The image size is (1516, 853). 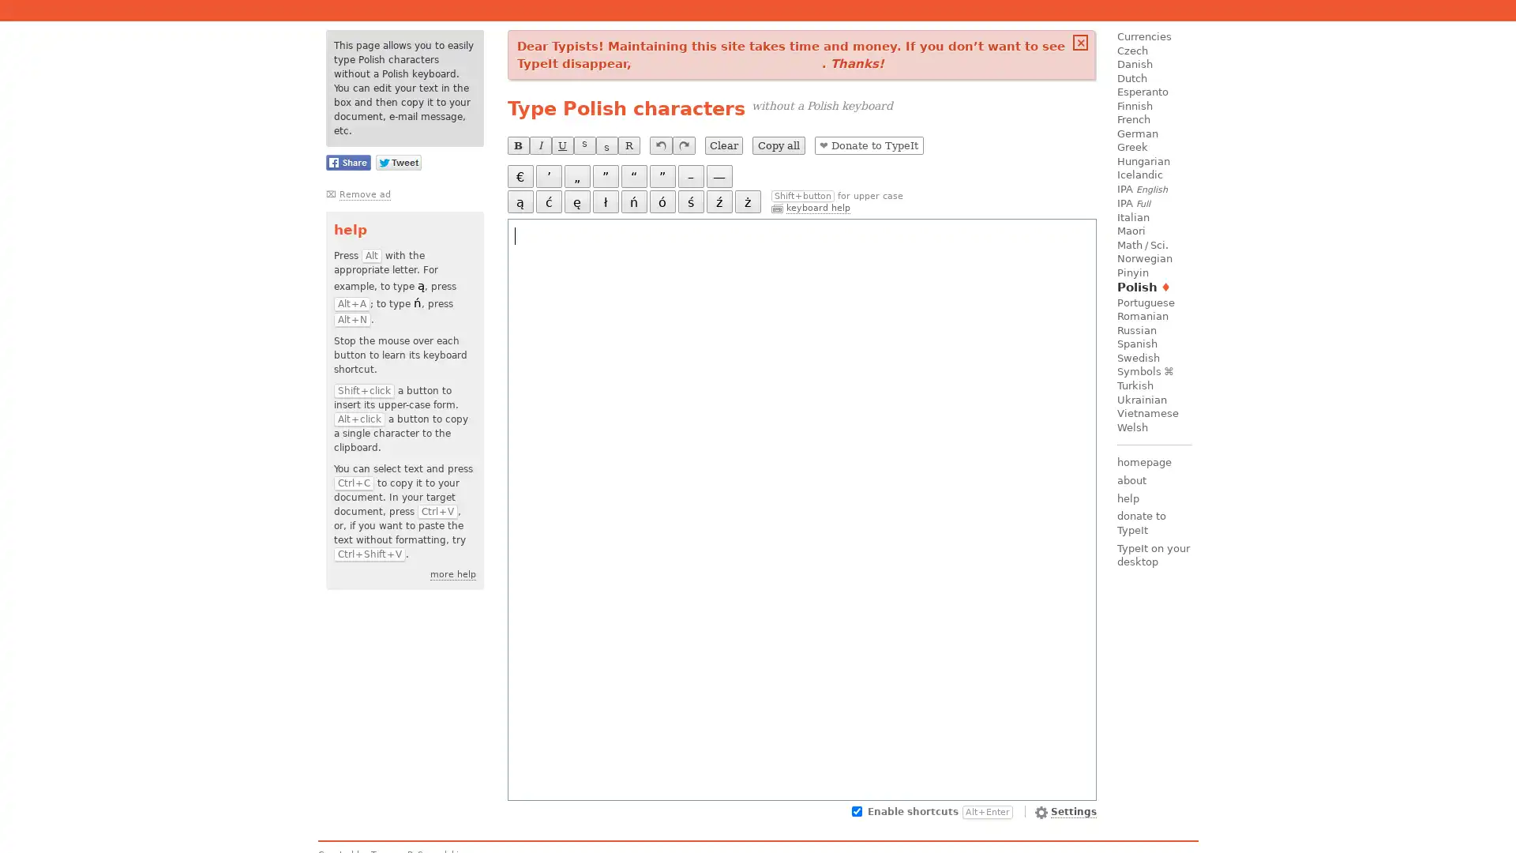 What do you see at coordinates (576, 201) in the screenshot?
I see `e` at bounding box center [576, 201].